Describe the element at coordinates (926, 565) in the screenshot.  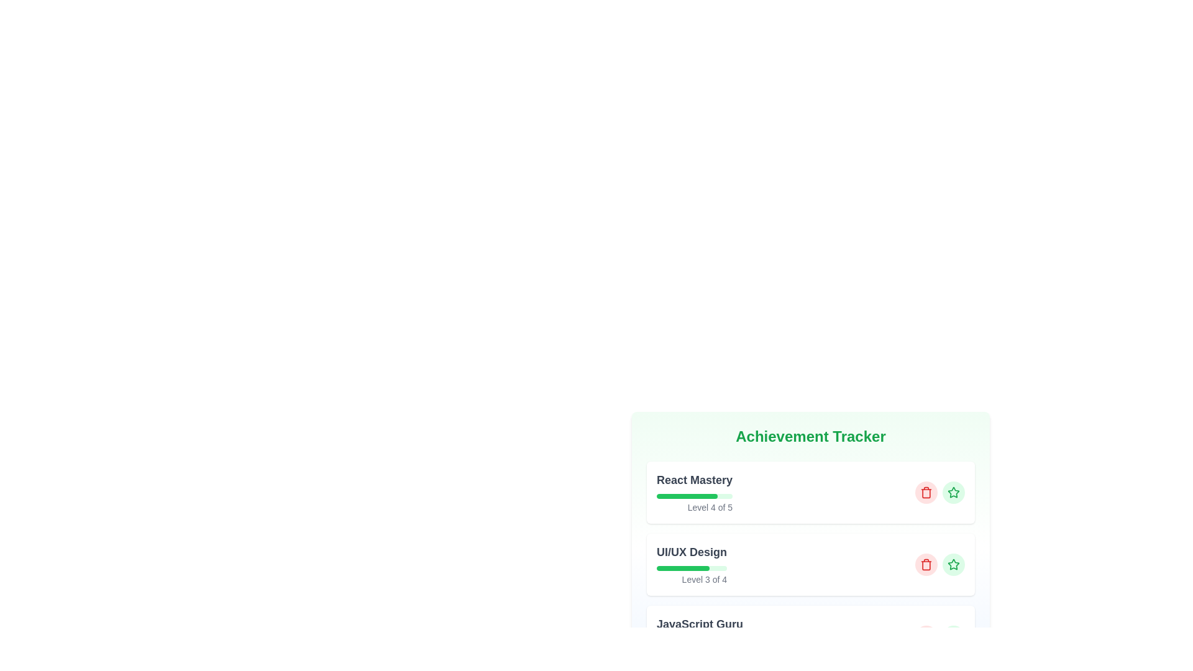
I see `the circular red button with a trash can icon` at that location.